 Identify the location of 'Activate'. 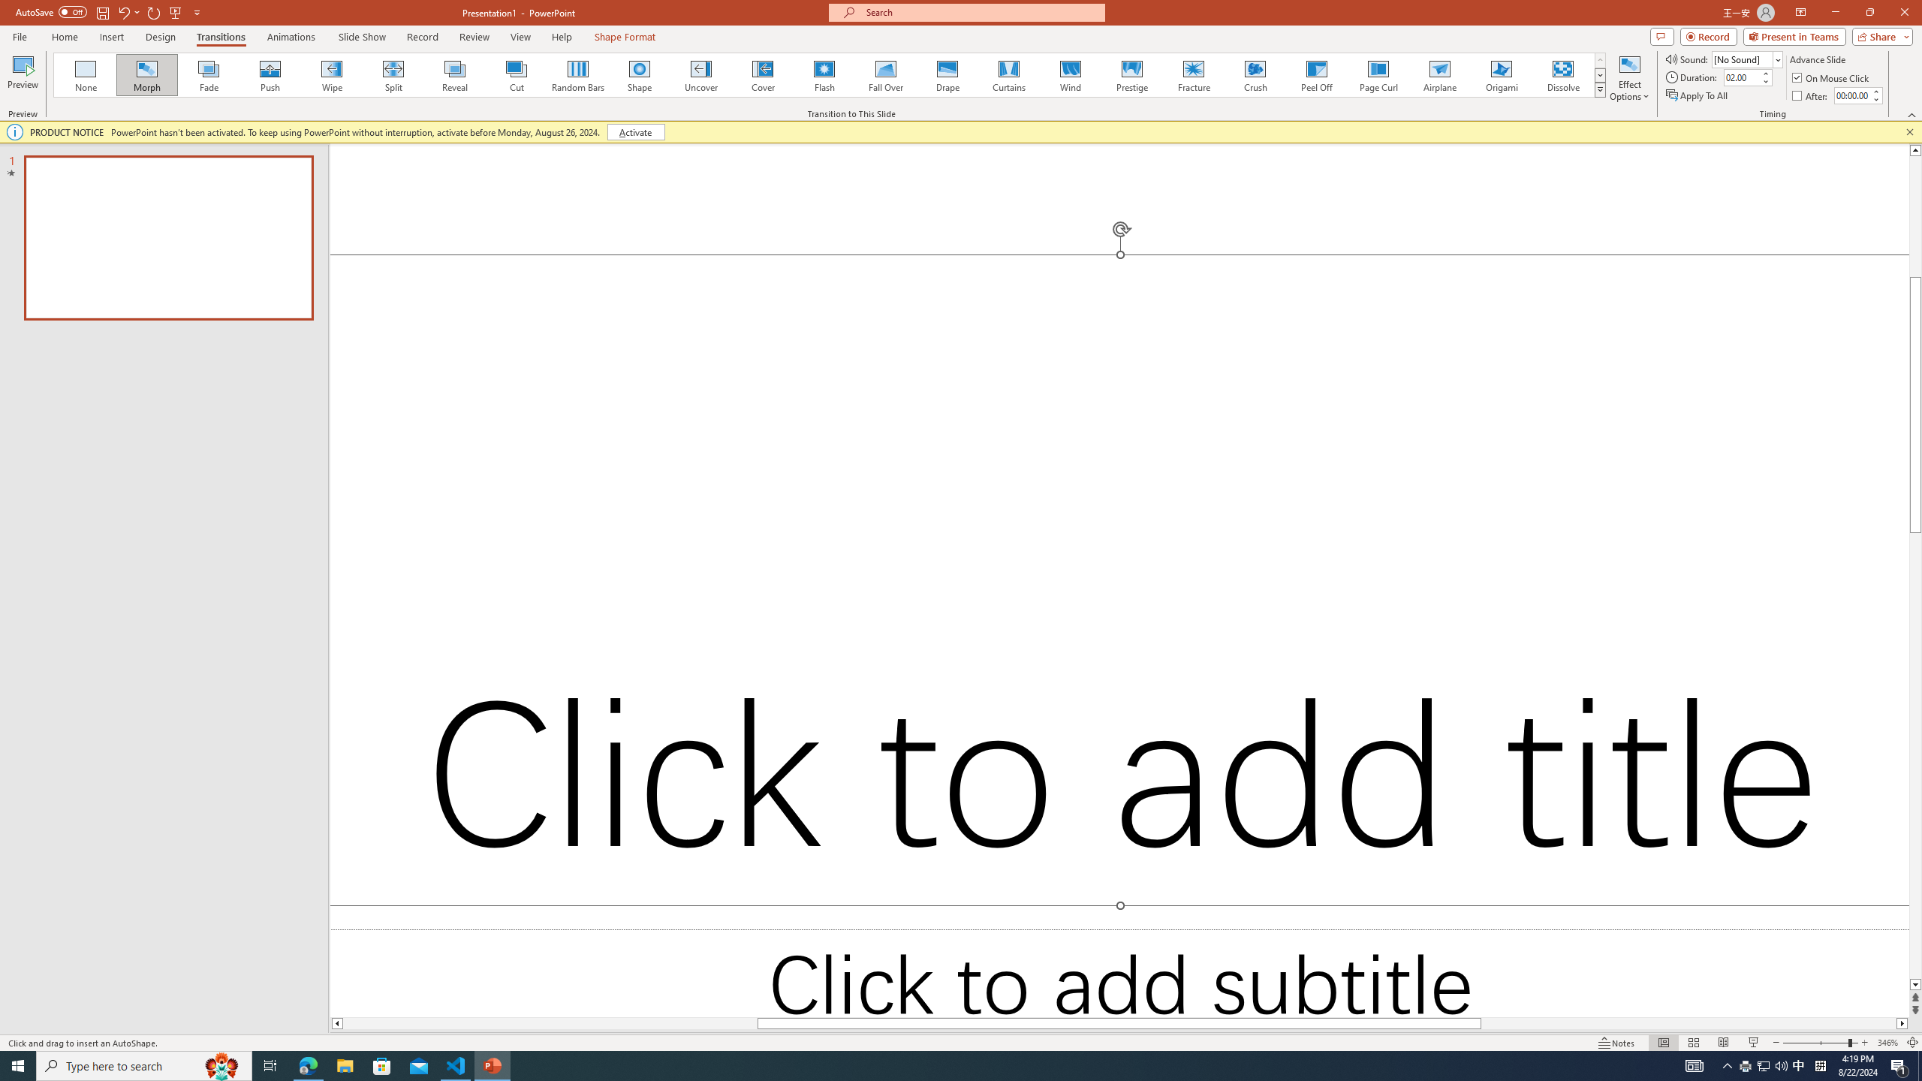
(636, 132).